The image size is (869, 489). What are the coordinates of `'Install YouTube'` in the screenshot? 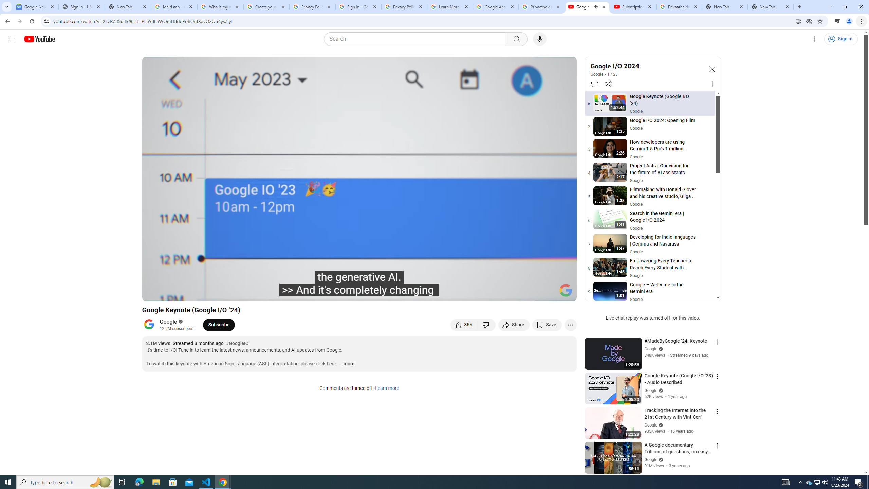 It's located at (798, 21).